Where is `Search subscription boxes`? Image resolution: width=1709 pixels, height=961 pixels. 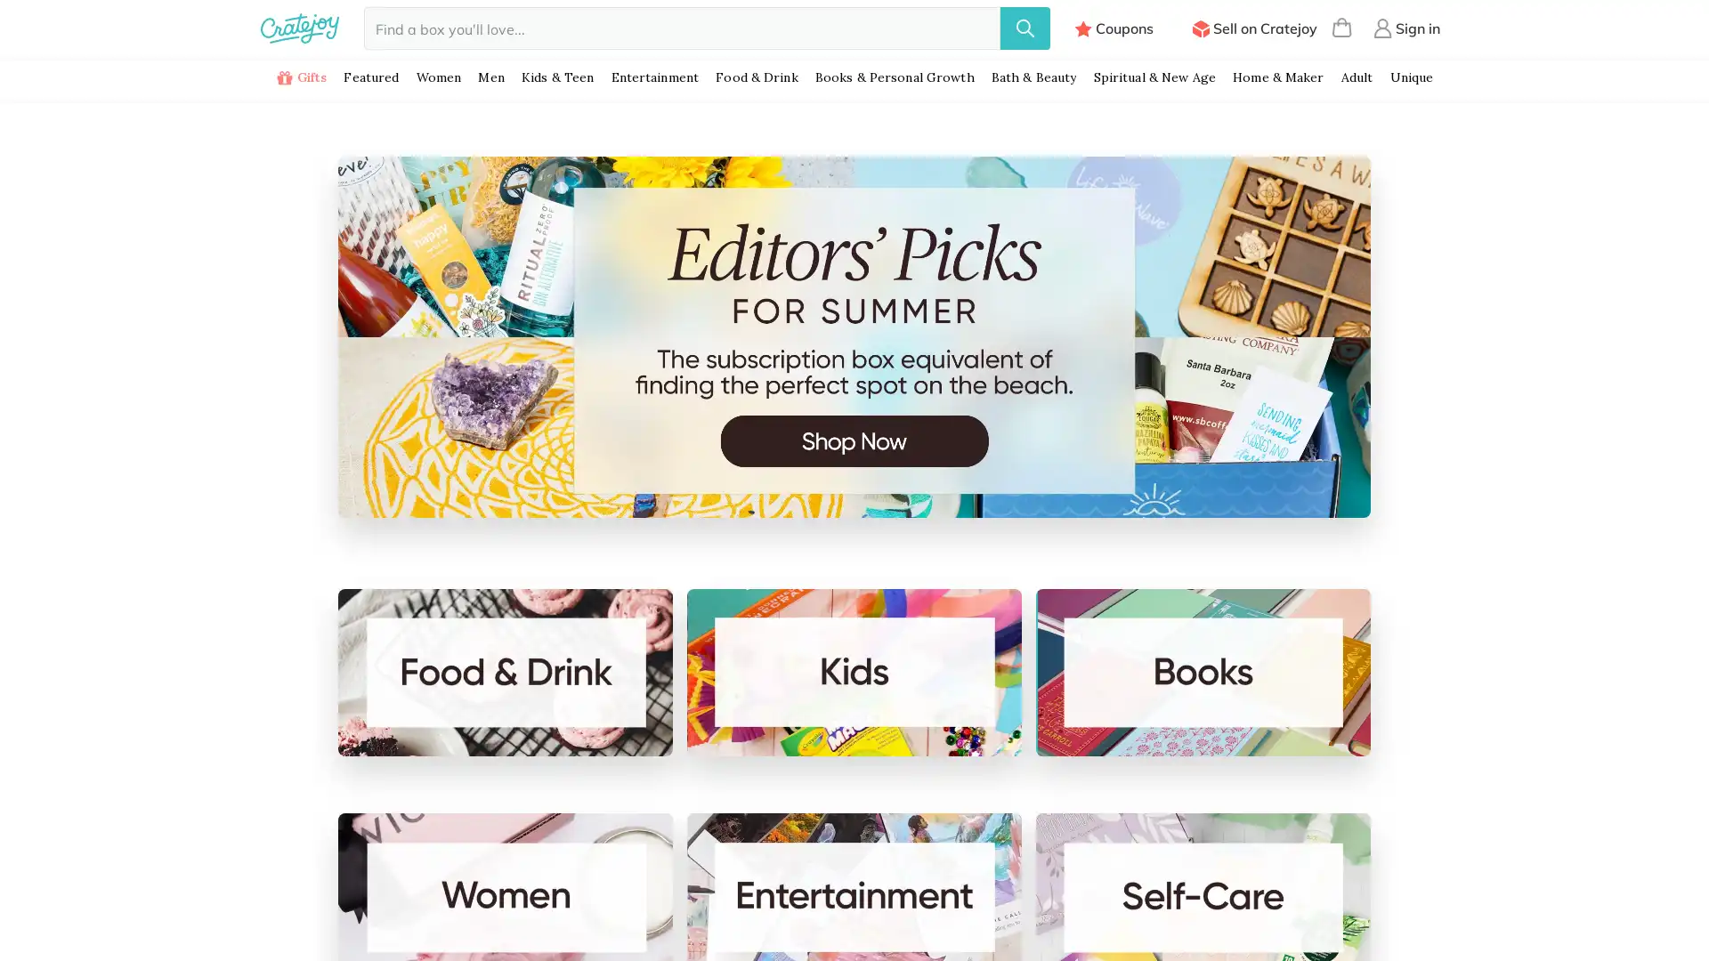
Search subscription boxes is located at coordinates (1025, 28).